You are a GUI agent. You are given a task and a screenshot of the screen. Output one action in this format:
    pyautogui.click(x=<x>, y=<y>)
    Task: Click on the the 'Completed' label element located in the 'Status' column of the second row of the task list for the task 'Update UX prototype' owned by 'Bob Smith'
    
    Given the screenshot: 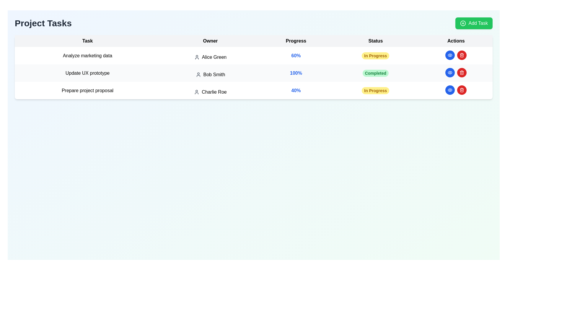 What is the action you would take?
    pyautogui.click(x=375, y=73)
    